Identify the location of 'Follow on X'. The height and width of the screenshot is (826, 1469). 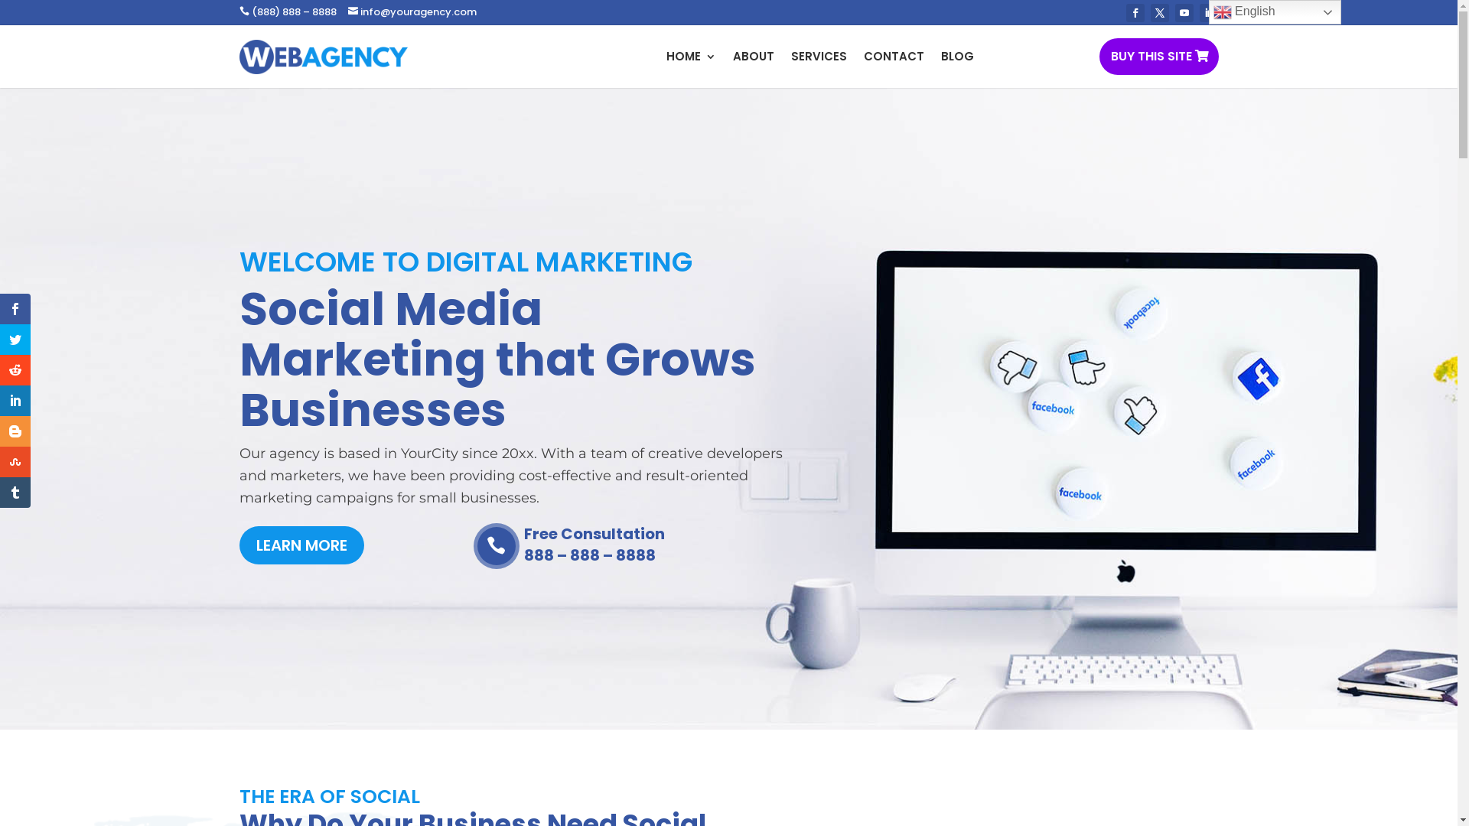
(1160, 12).